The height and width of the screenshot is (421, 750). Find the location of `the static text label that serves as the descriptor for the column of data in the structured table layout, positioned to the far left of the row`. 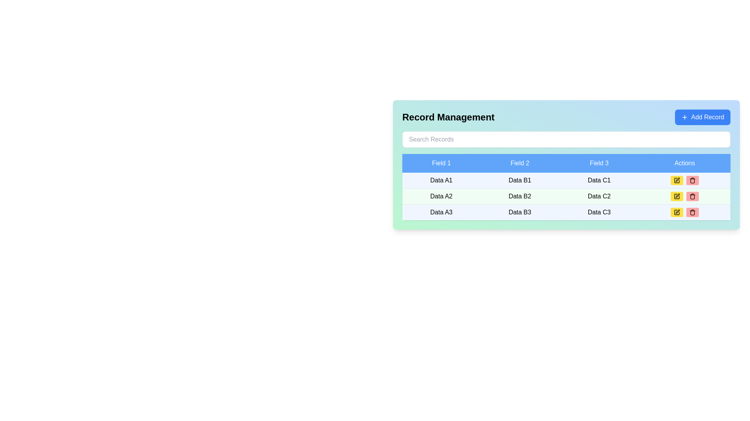

the static text label that serves as the descriptor for the column of data in the structured table layout, positioned to the far left of the row is located at coordinates (441, 163).